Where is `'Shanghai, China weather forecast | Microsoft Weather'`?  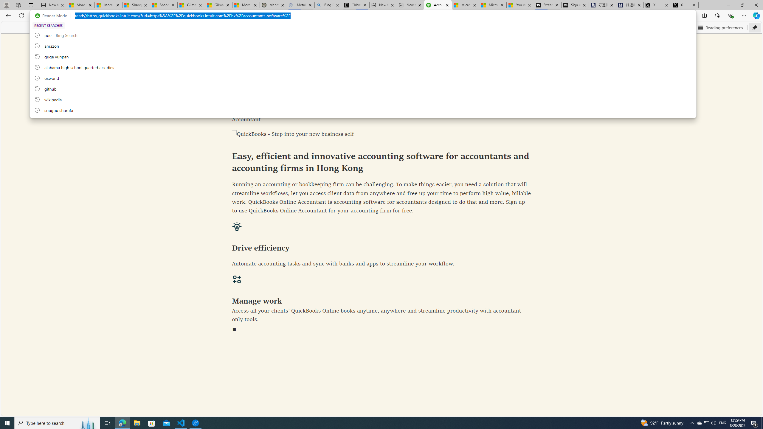
'Shanghai, China weather forecast | Microsoft Weather' is located at coordinates (164, 5).